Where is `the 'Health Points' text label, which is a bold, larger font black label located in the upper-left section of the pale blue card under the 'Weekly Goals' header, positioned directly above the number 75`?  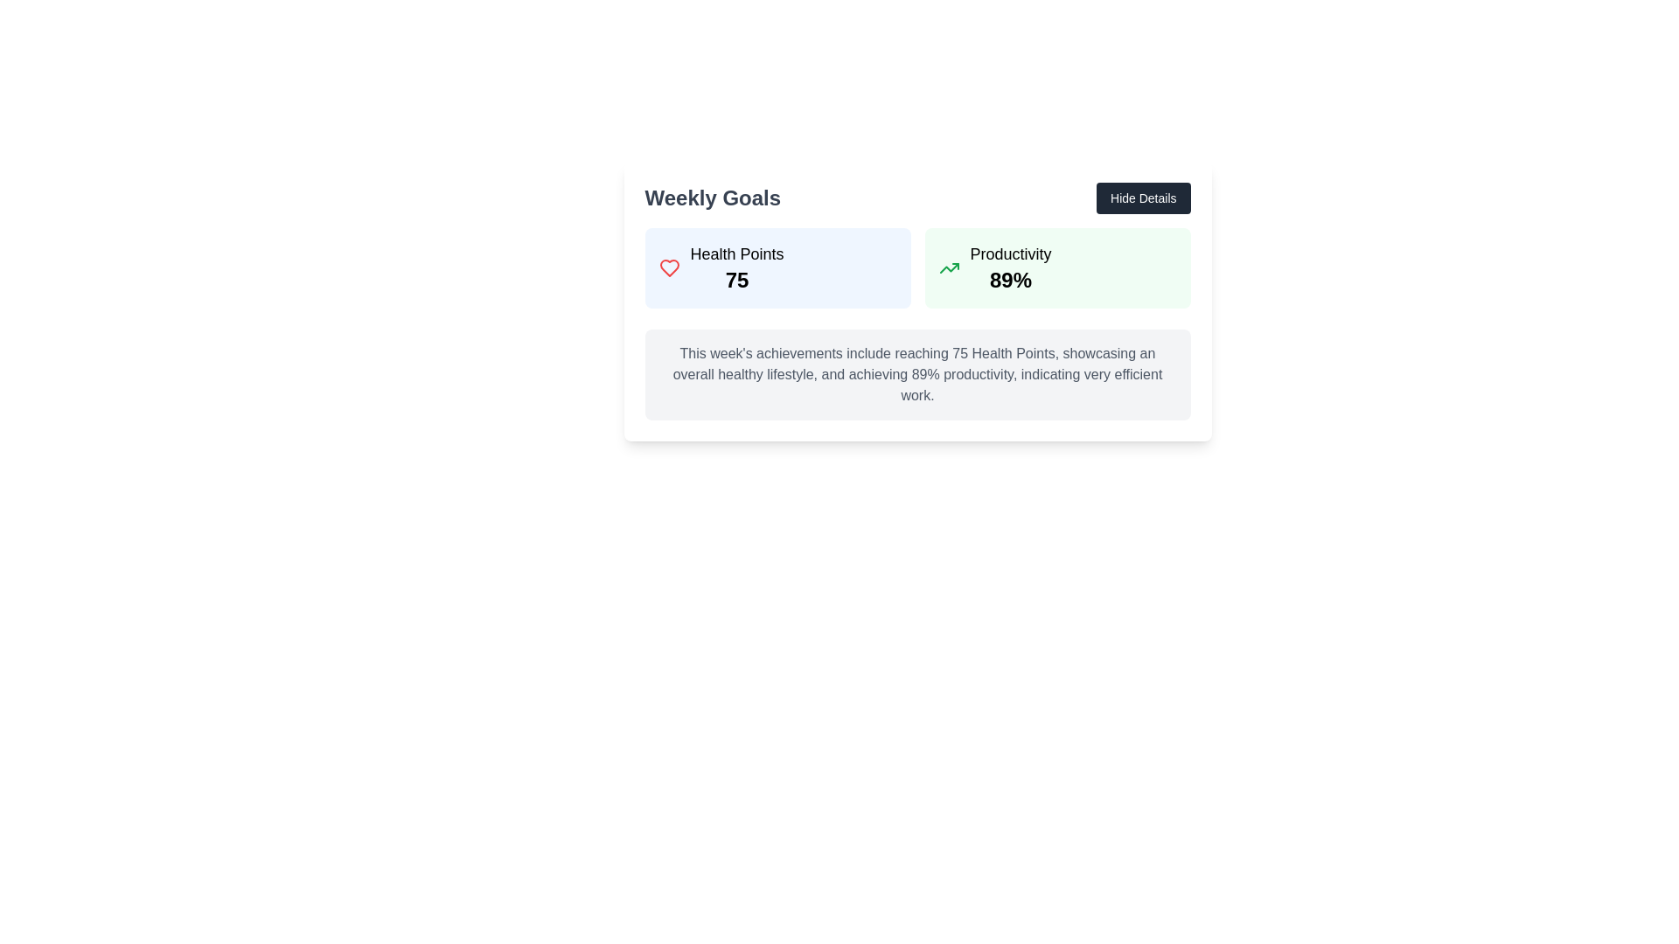 the 'Health Points' text label, which is a bold, larger font black label located in the upper-left section of the pale blue card under the 'Weekly Goals' header, positioned directly above the number 75 is located at coordinates (737, 253).